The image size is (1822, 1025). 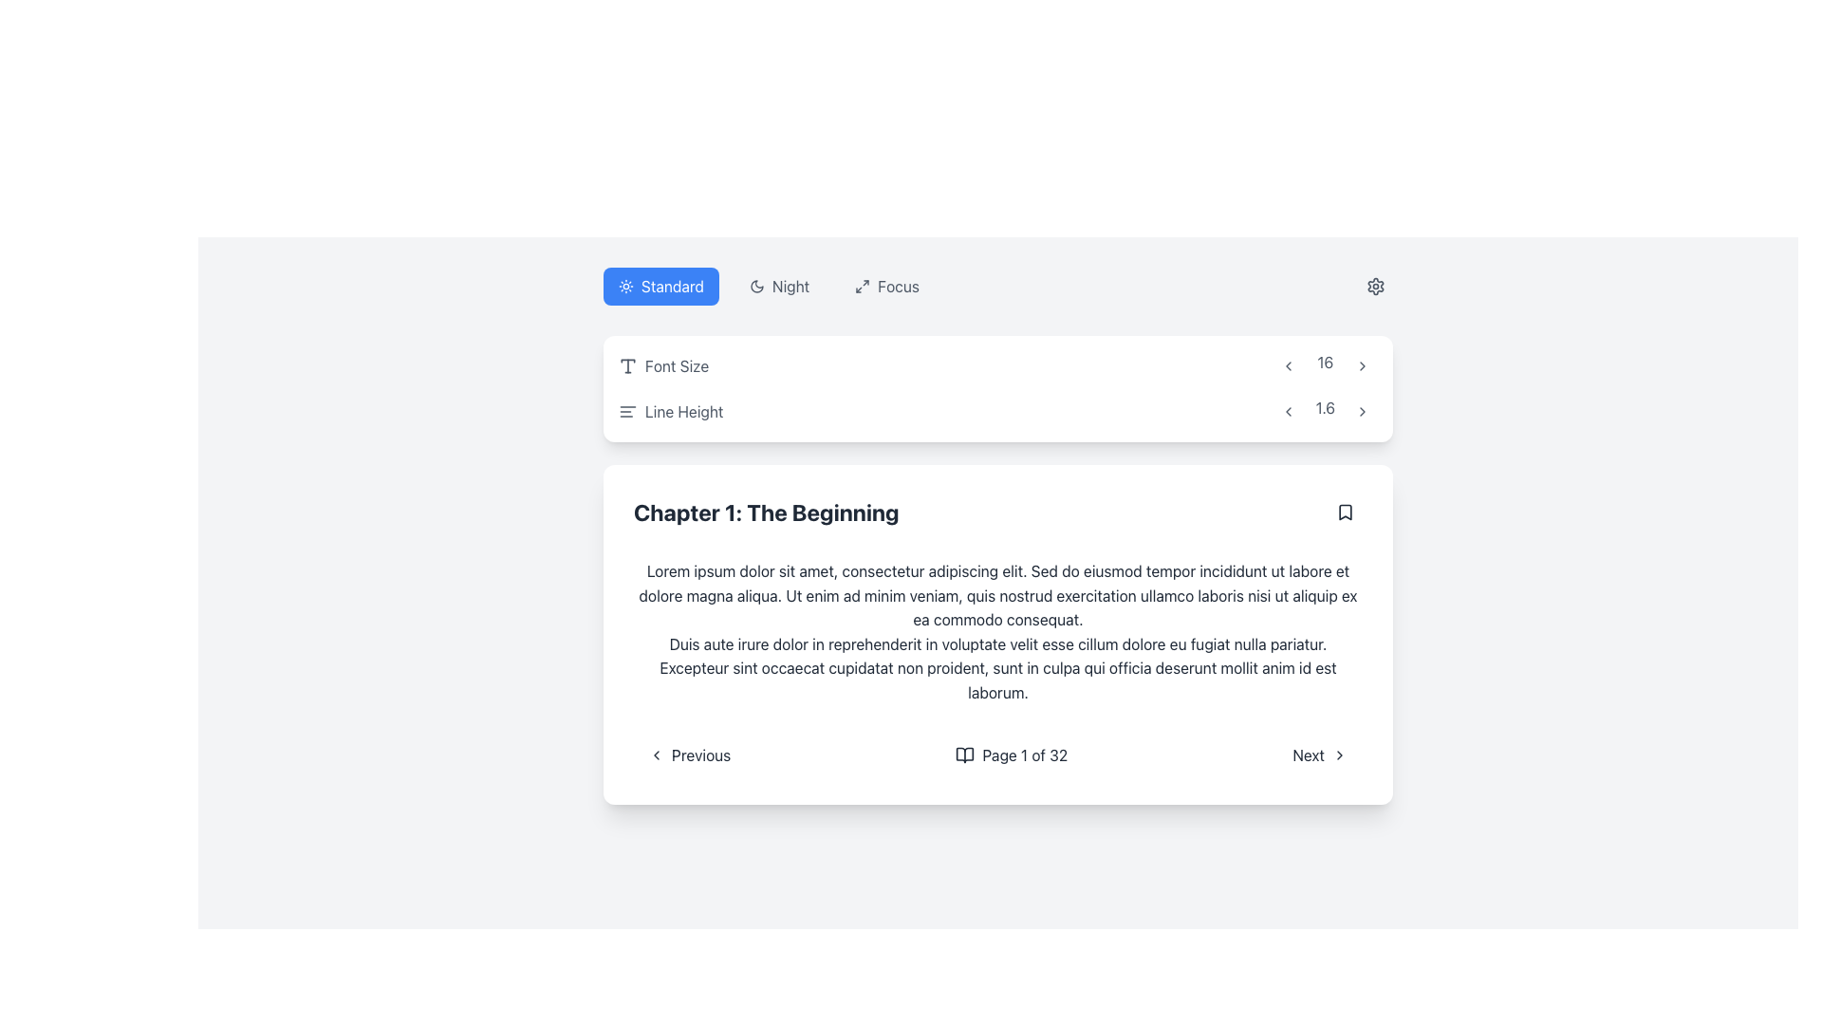 I want to click on the 'Next' button located at the bottom-right corner of the chapter content card, so click(x=1319, y=754).